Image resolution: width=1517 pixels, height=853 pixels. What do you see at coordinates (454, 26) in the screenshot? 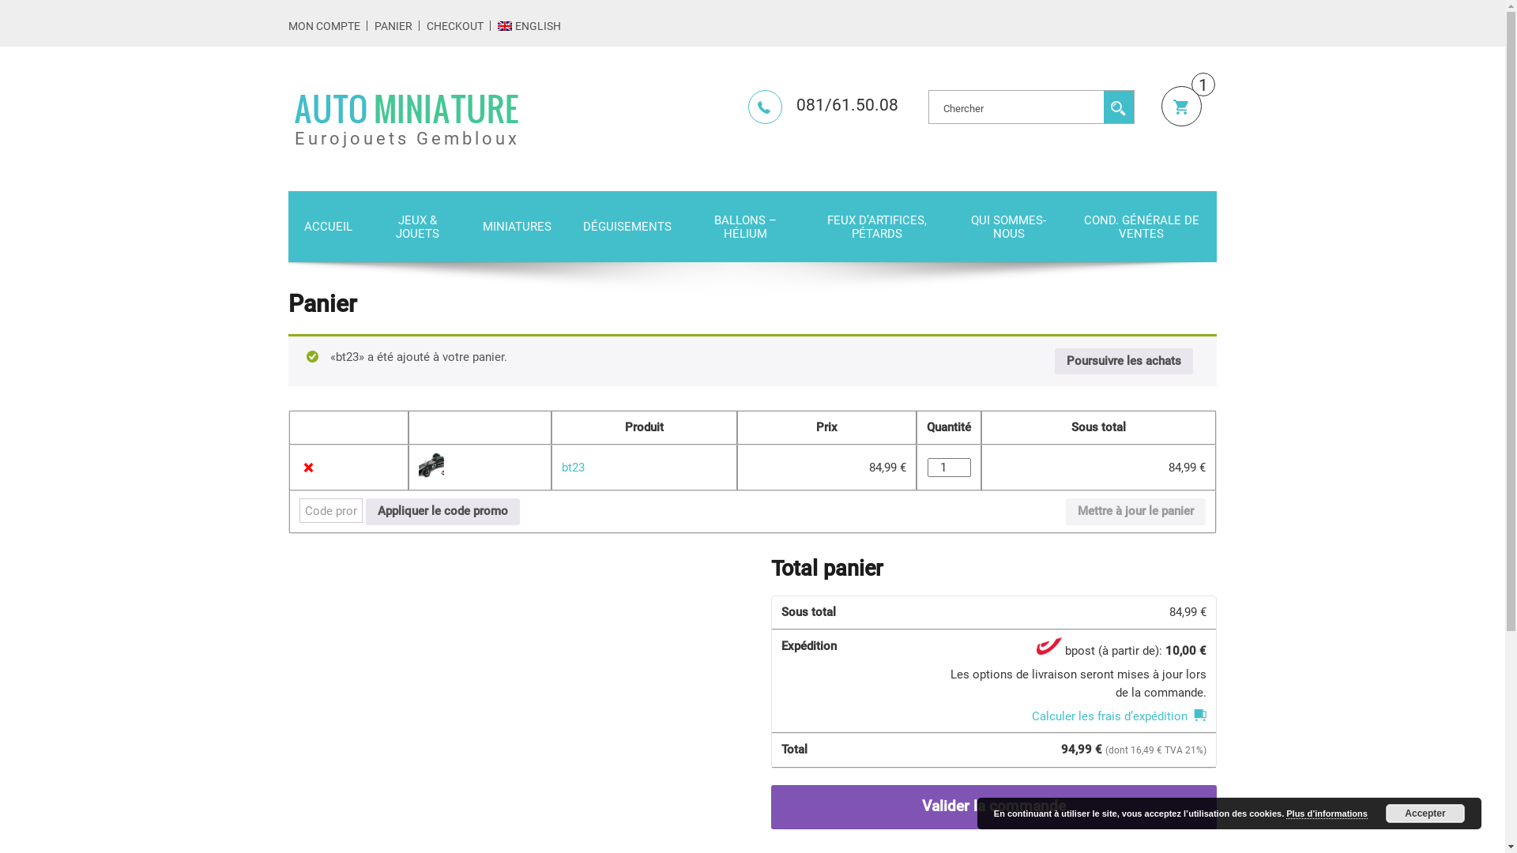
I see `'CHECKOUT'` at bounding box center [454, 26].